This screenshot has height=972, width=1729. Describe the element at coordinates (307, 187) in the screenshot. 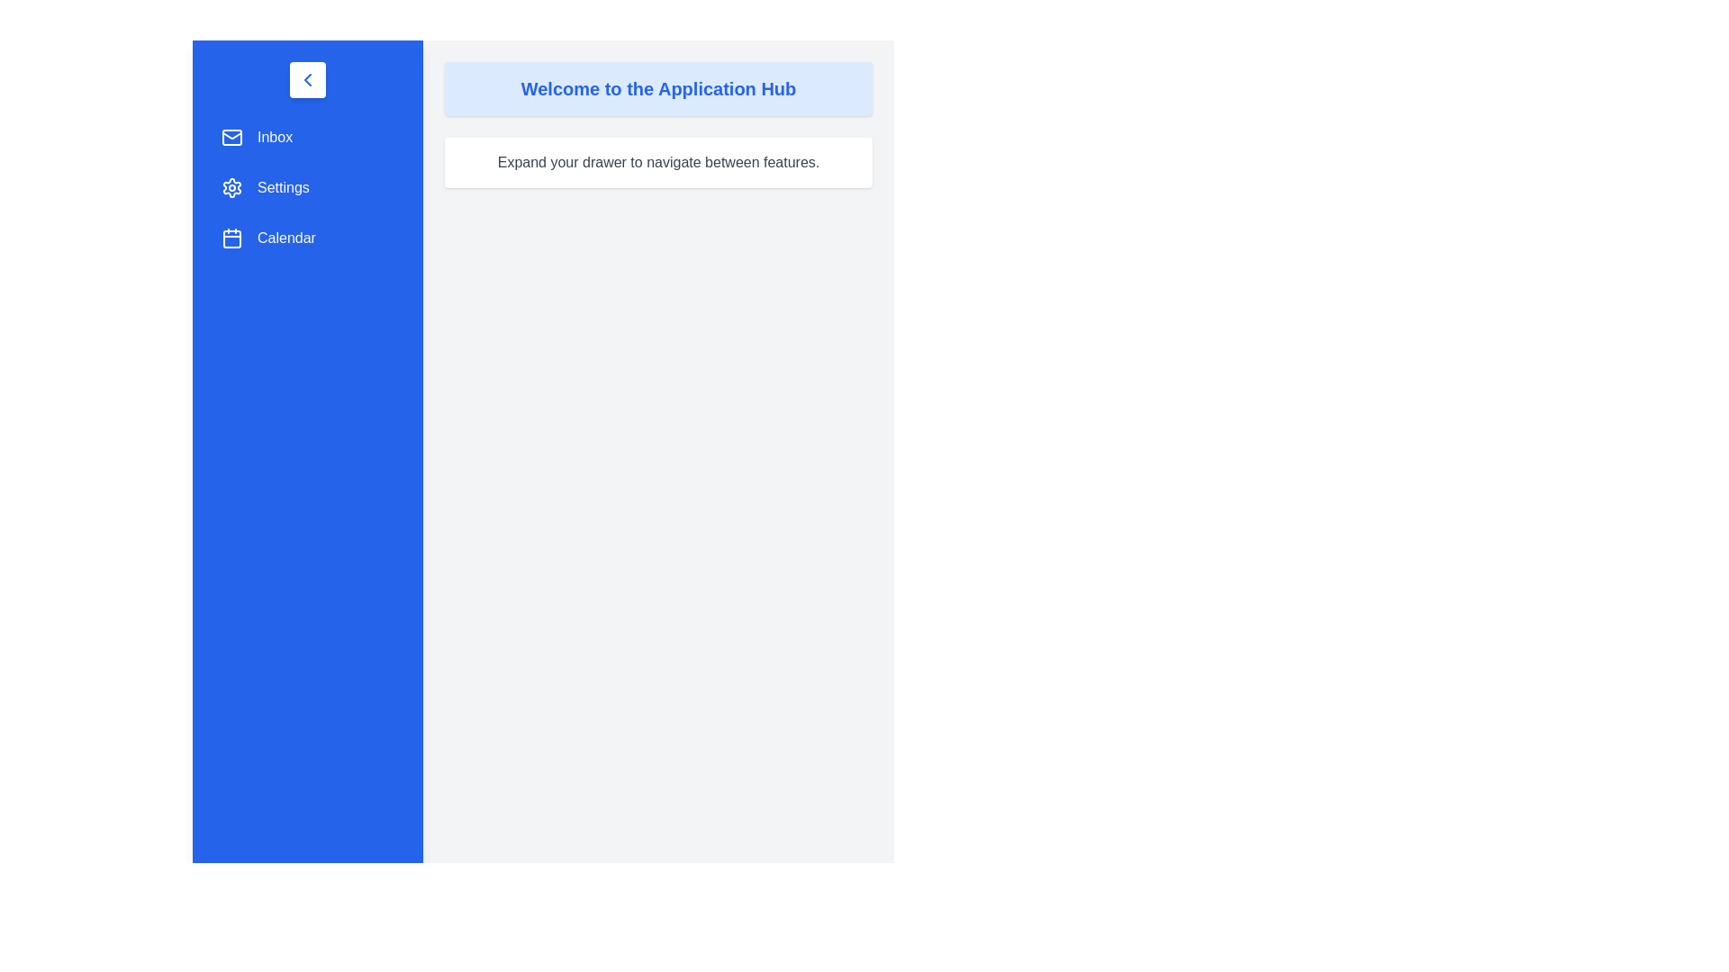

I see `the menu item 'Settings' to see the hover effect` at that location.